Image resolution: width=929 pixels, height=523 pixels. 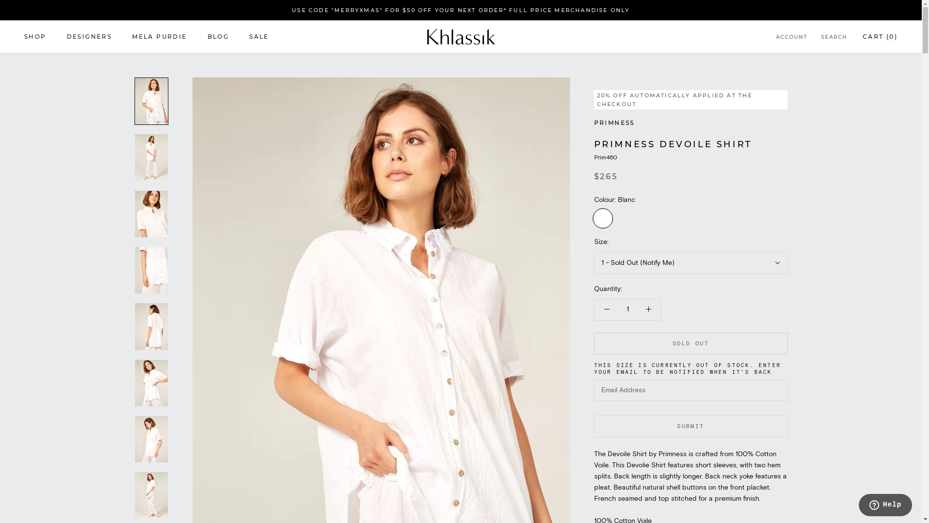 I want to click on 'SALE', so click(x=259, y=36).